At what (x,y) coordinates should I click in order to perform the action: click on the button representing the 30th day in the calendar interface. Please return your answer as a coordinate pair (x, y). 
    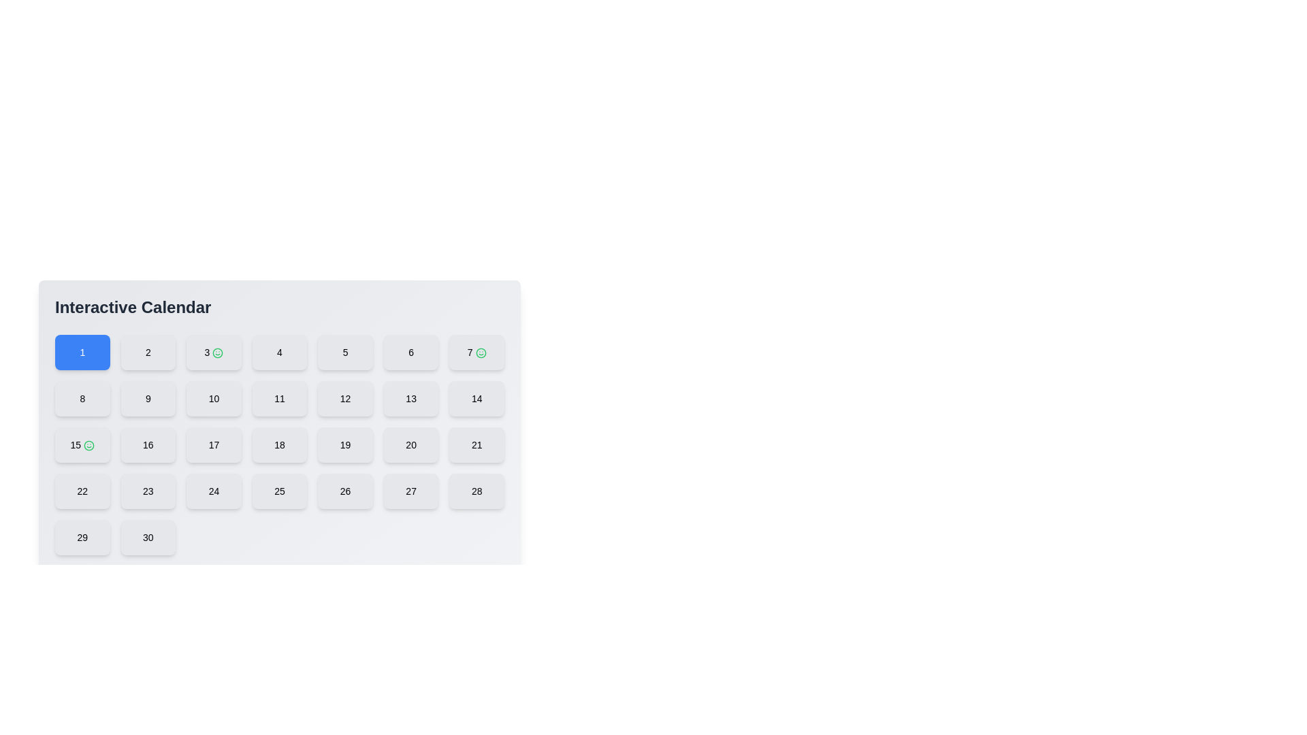
    Looking at the image, I should click on (148, 537).